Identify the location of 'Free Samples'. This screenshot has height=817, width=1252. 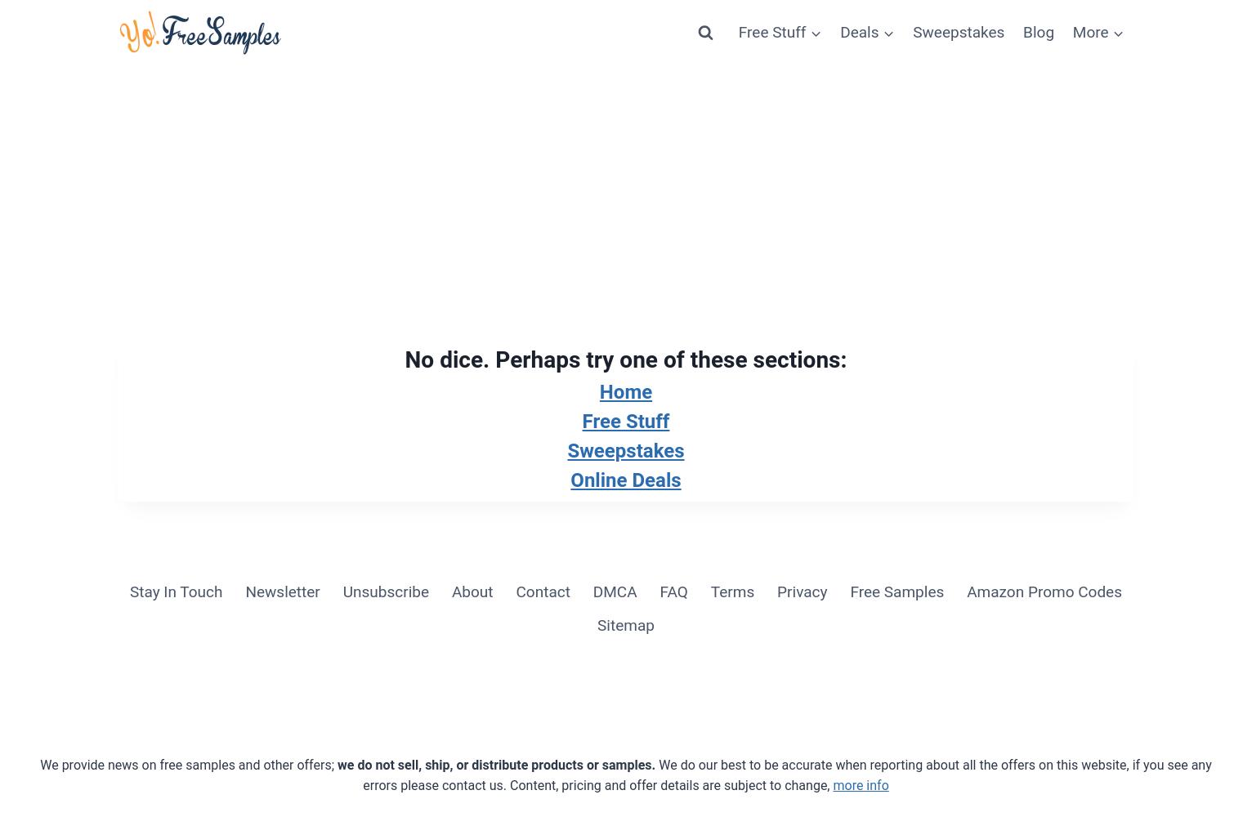
(896, 590).